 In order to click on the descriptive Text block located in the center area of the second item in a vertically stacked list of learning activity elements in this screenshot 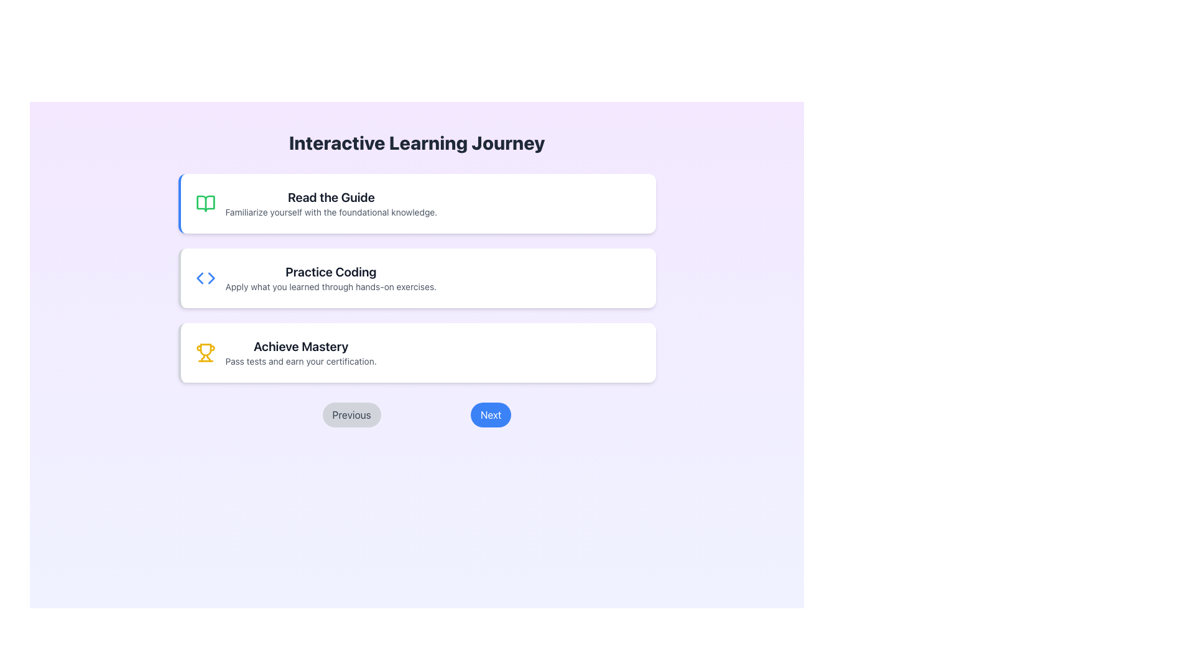, I will do `click(331, 277)`.